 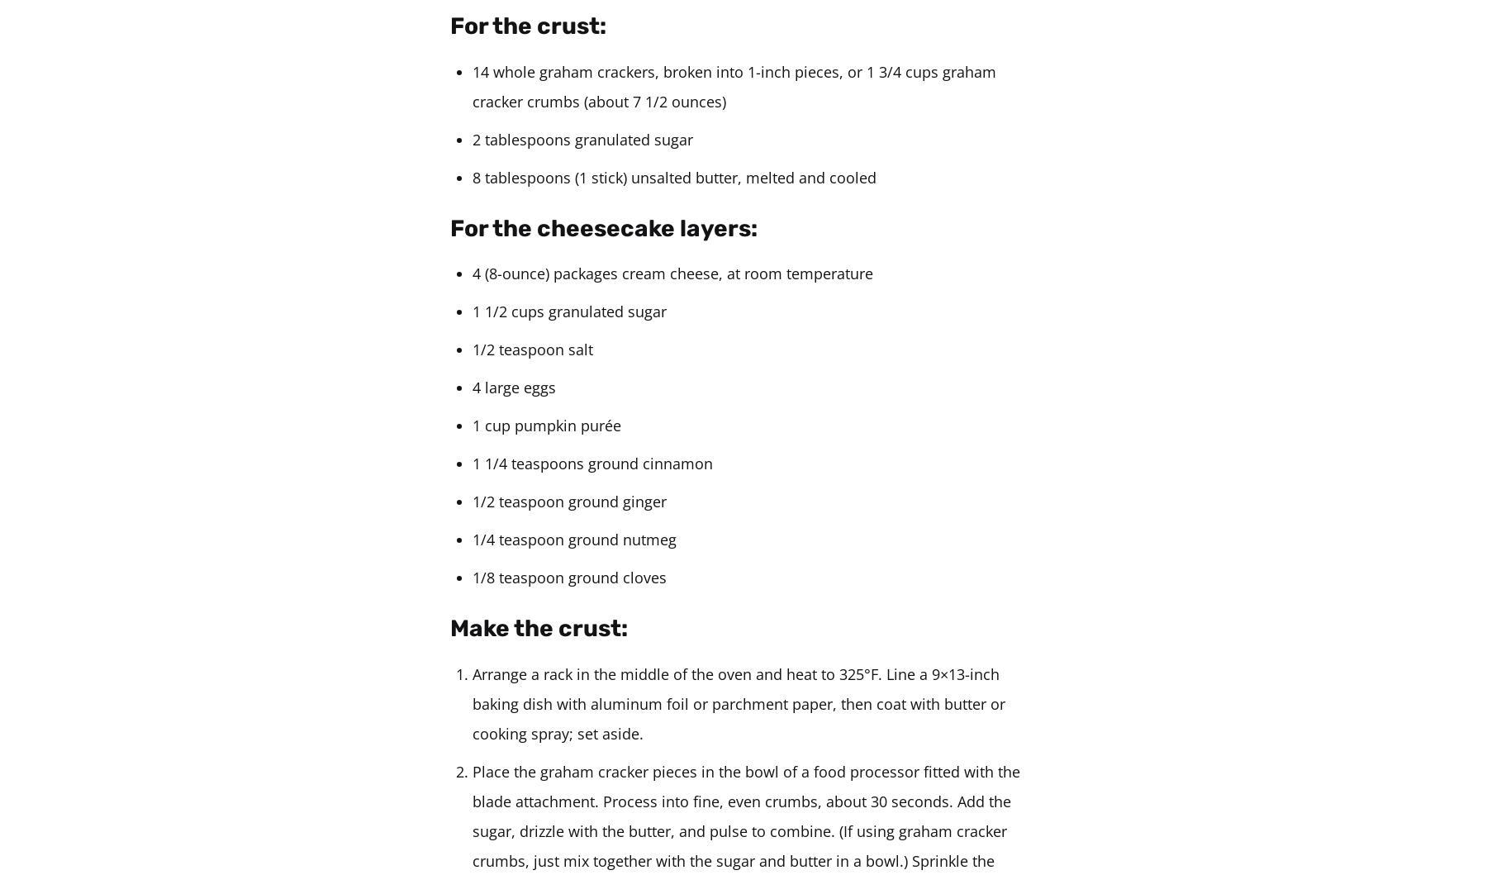 I want to click on 'Arrange a rack in the middle of the oven and heat to 325°F. Line a 9×13-inch baking dish with aluminum foil or parchment paper, then coat with butter or cooking spray; set aside.', so click(x=473, y=703).